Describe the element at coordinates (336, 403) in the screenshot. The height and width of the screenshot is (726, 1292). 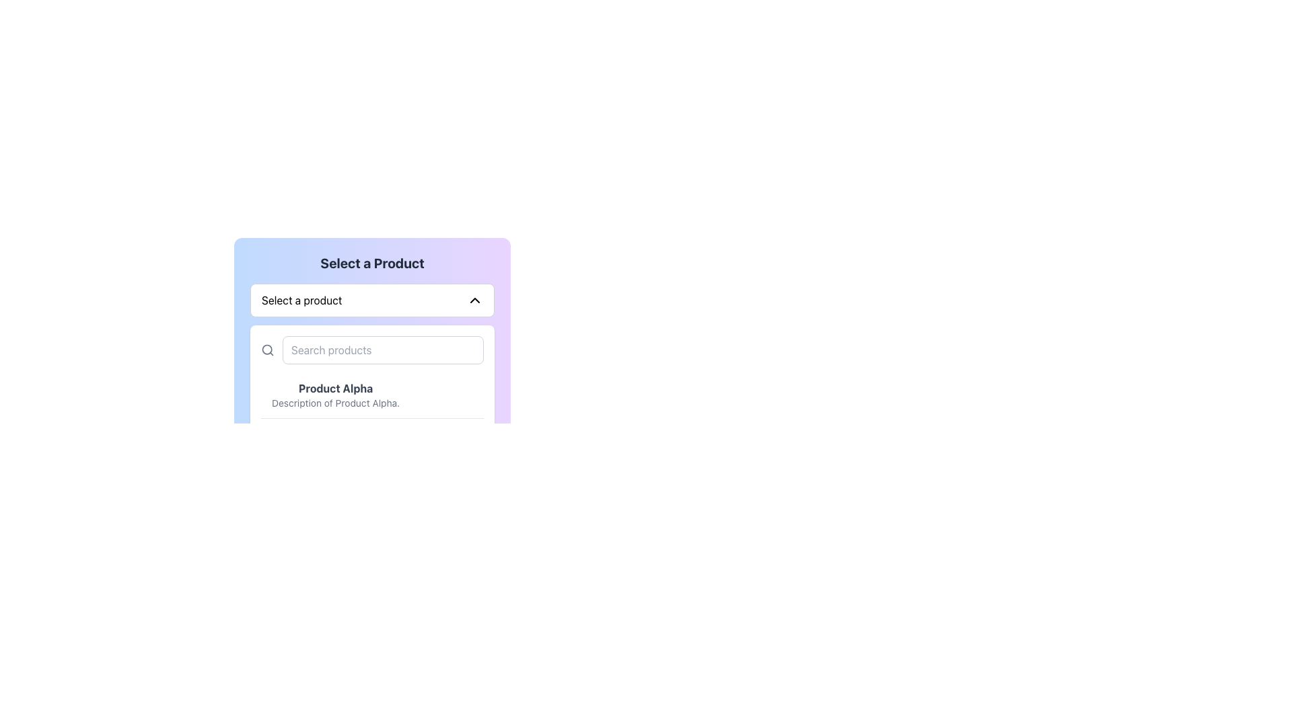
I see `the static text providing descriptive information about 'Product Alpha', which is positioned beneath the title 'Product Alpha'` at that location.